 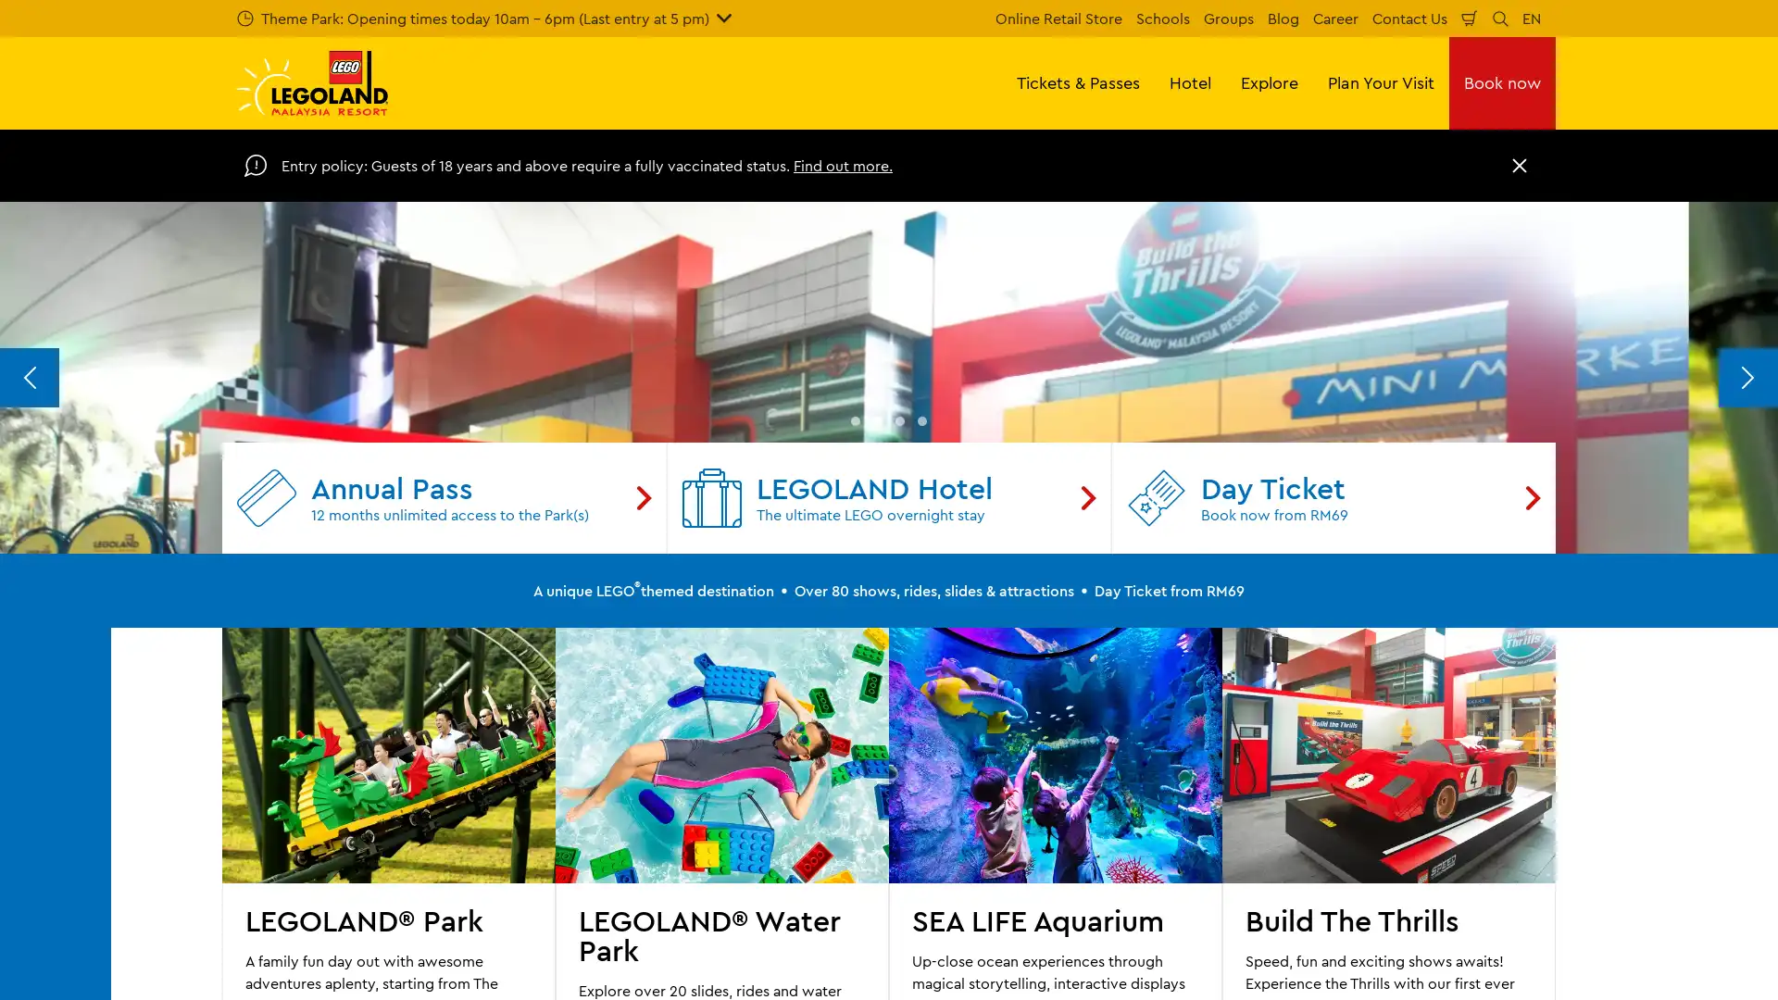 What do you see at coordinates (1190, 81) in the screenshot?
I see `Hotel` at bounding box center [1190, 81].